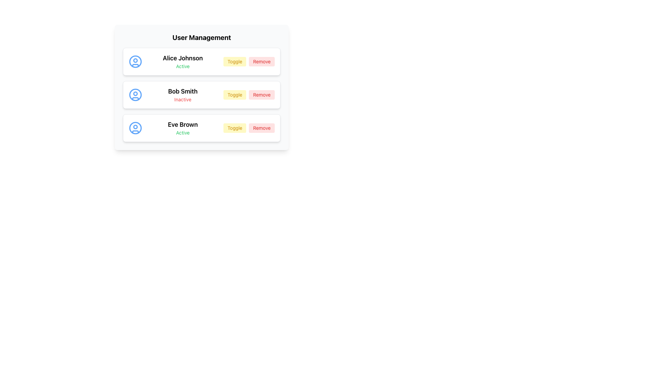 The image size is (652, 366). What do you see at coordinates (135, 127) in the screenshot?
I see `the small circle element within the SVG that represents the user's avatar, which is centrally aligned at the top of the avatar's inner area` at bounding box center [135, 127].